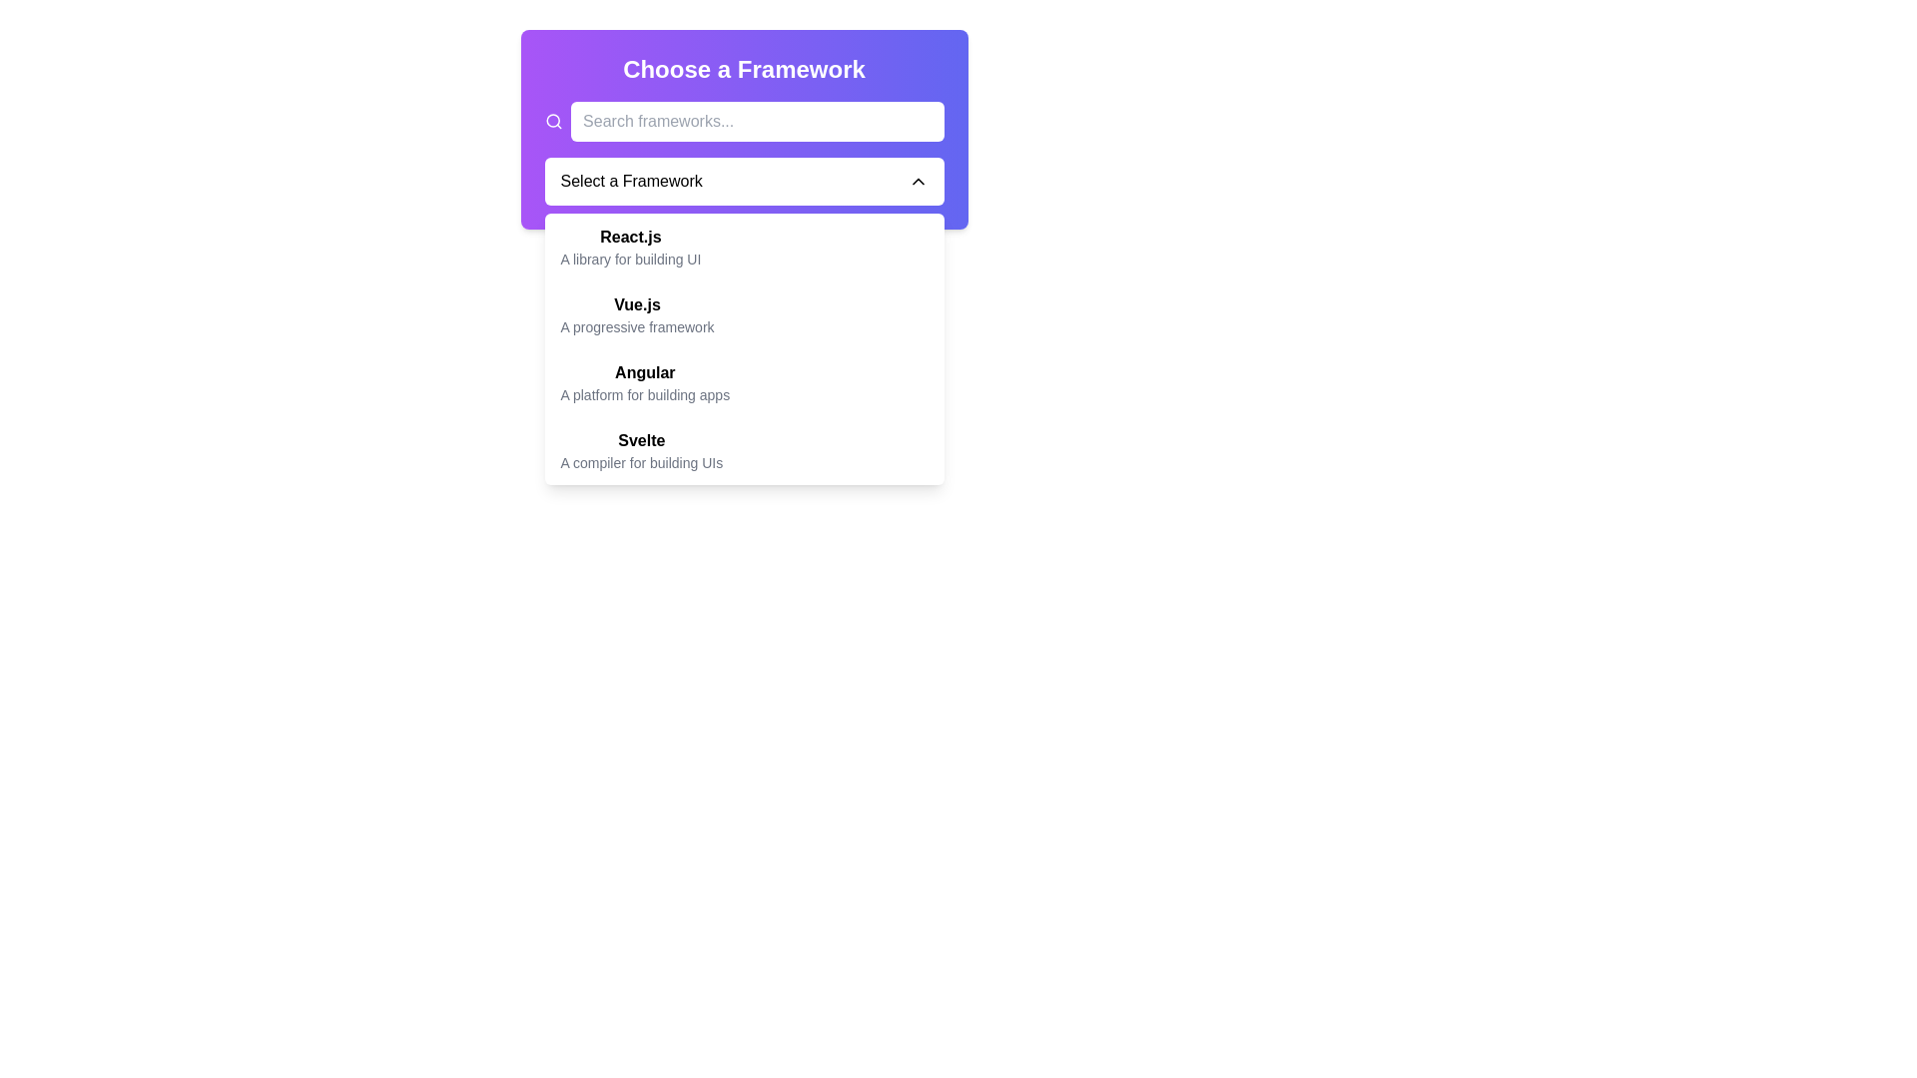  I want to click on the white rectangular dropdown menu labeled 'Select a Framework' with rounded corners, so click(743, 181).